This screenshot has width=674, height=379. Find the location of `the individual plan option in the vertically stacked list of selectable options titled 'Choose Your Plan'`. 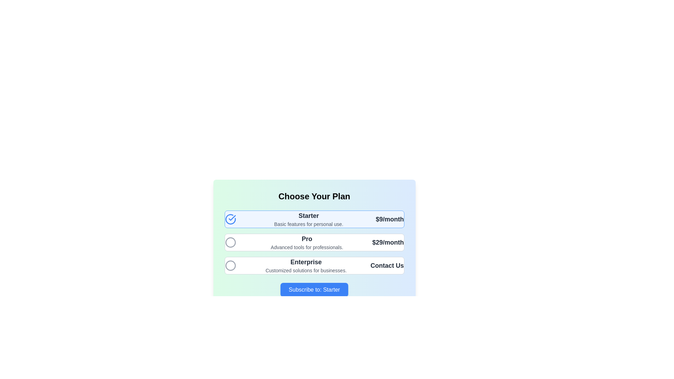

the individual plan option in the vertically stacked list of selectable options titled 'Choose Your Plan' is located at coordinates (314, 242).